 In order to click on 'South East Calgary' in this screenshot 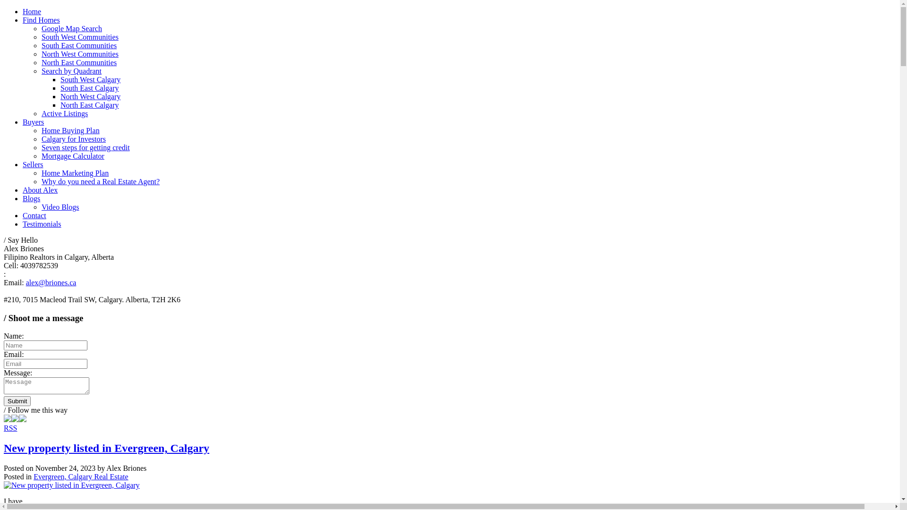, I will do `click(90, 88)`.